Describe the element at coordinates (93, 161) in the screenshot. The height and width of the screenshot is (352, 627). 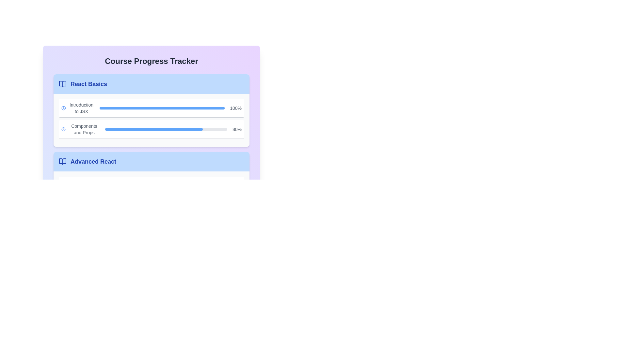
I see `the 'Advanced React' text label, which is a bold, large blue font title for the course module located below the 'React Basics' section and adjacent to a book icon` at that location.